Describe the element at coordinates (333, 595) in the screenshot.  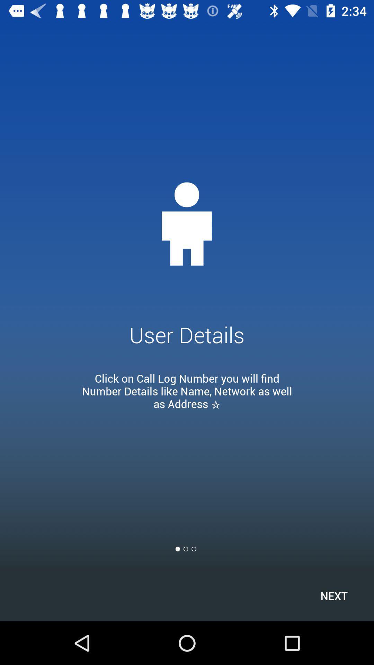
I see `item at the bottom right corner` at that location.